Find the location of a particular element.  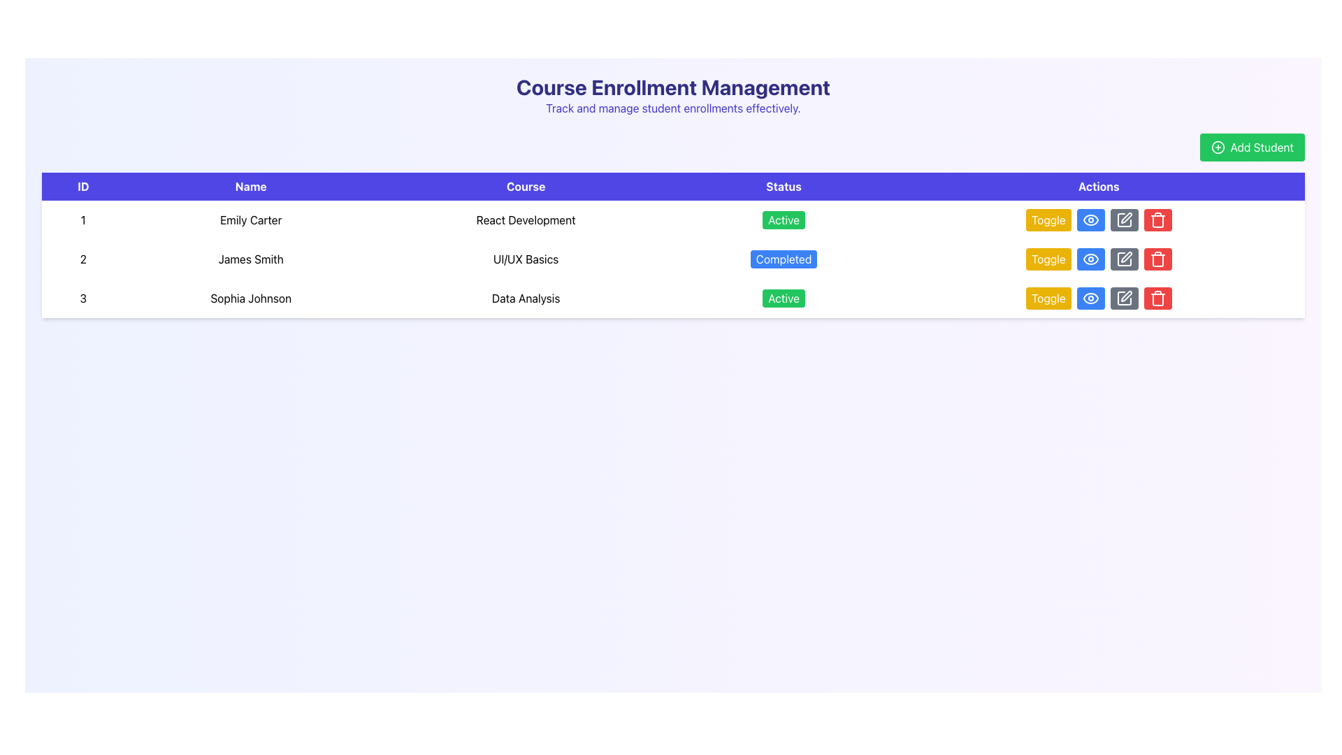

the green 'Add Student' button with rounded corners that has a circle-plus icon and white text to trigger hover effects is located at coordinates (1252, 148).